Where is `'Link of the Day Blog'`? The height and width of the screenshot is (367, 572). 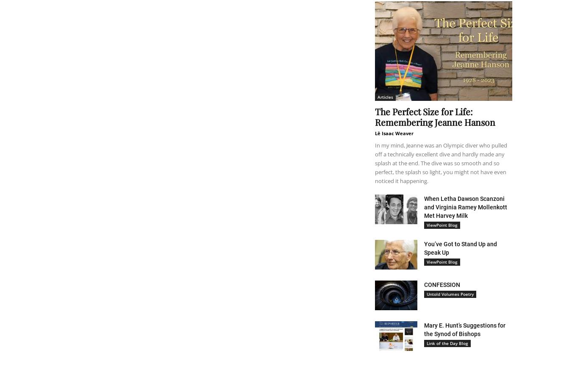
'Link of the Day Blog' is located at coordinates (447, 342).